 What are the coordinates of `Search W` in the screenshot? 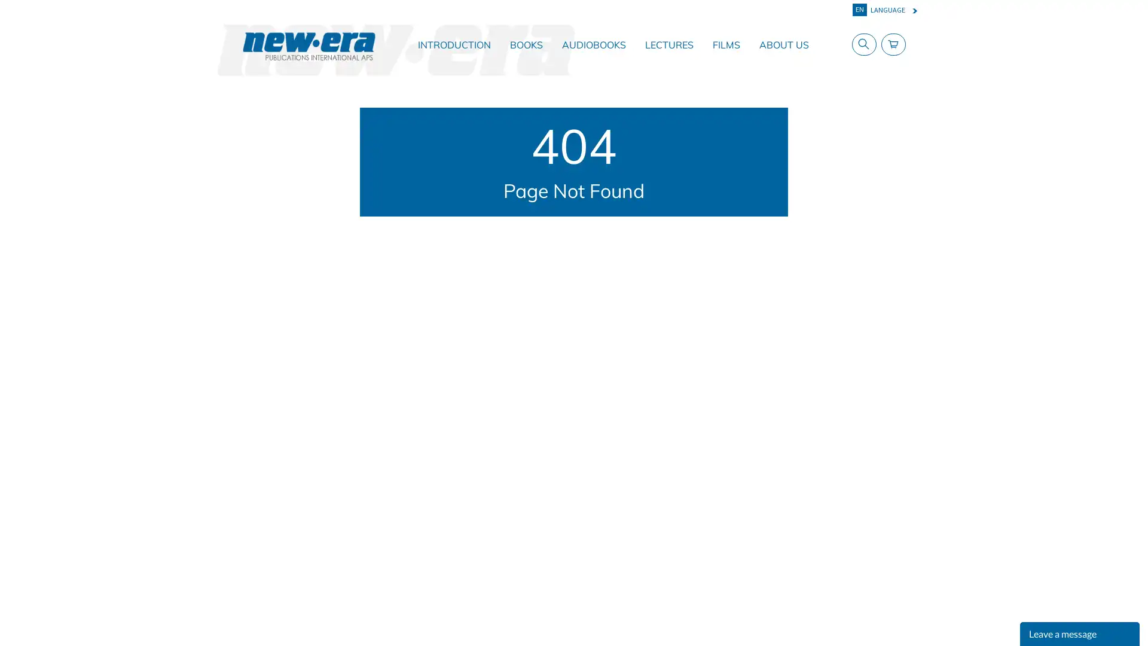 It's located at (861, 44).